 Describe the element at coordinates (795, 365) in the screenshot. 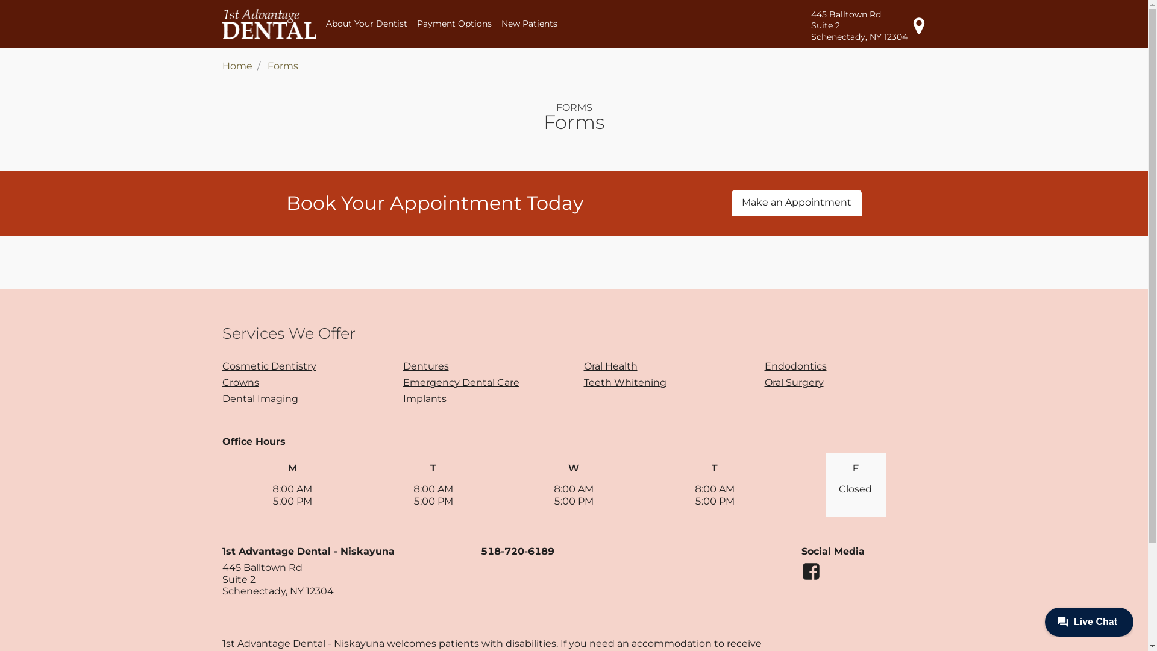

I see `'Endodontics'` at that location.